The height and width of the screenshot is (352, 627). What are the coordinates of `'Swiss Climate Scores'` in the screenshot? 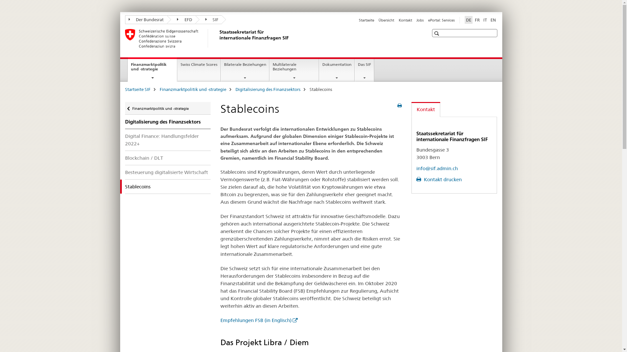 It's located at (199, 70).